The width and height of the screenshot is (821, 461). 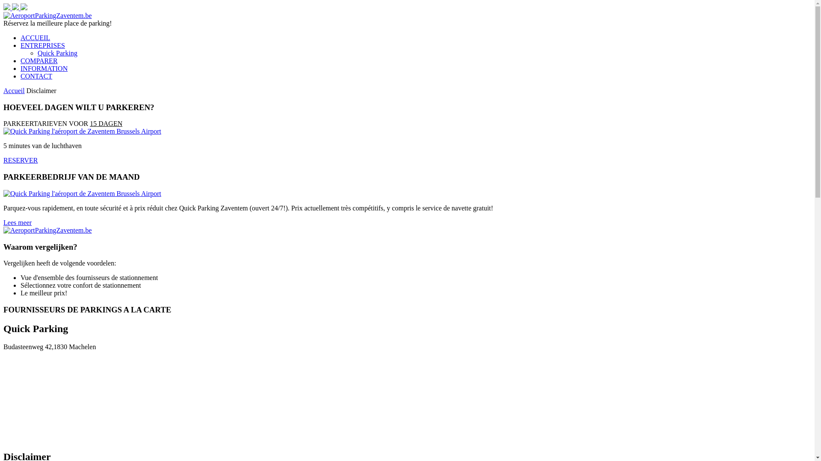 I want to click on 'INFORMATION', so click(x=43, y=68).